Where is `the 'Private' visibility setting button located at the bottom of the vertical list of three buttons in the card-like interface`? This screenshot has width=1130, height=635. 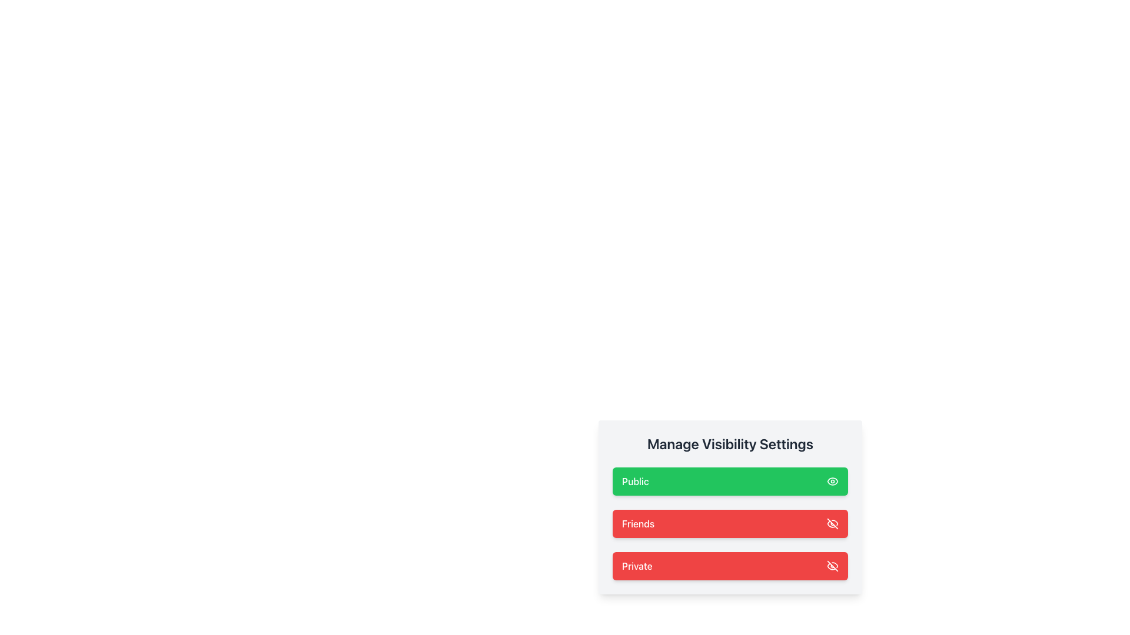
the 'Private' visibility setting button located at the bottom of the vertical list of three buttons in the card-like interface is located at coordinates (730, 566).